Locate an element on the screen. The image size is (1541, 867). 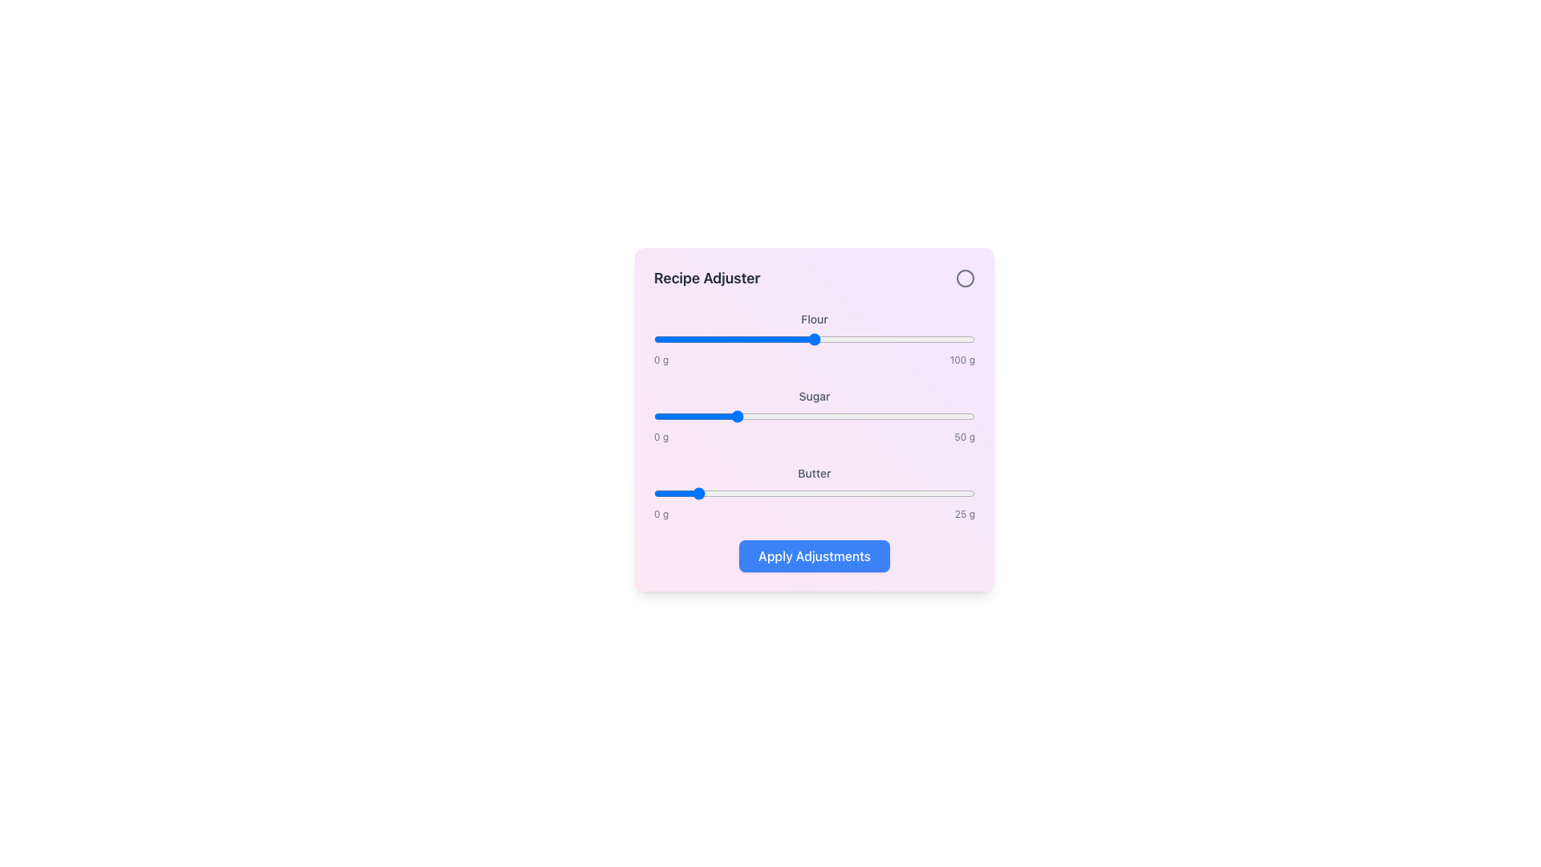
the flour amount is located at coordinates (952, 339).